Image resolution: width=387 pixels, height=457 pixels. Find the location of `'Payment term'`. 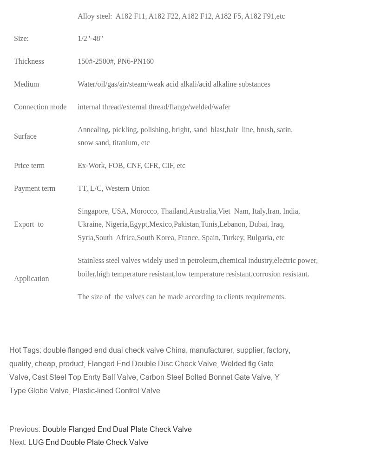

'Payment term' is located at coordinates (13, 188).